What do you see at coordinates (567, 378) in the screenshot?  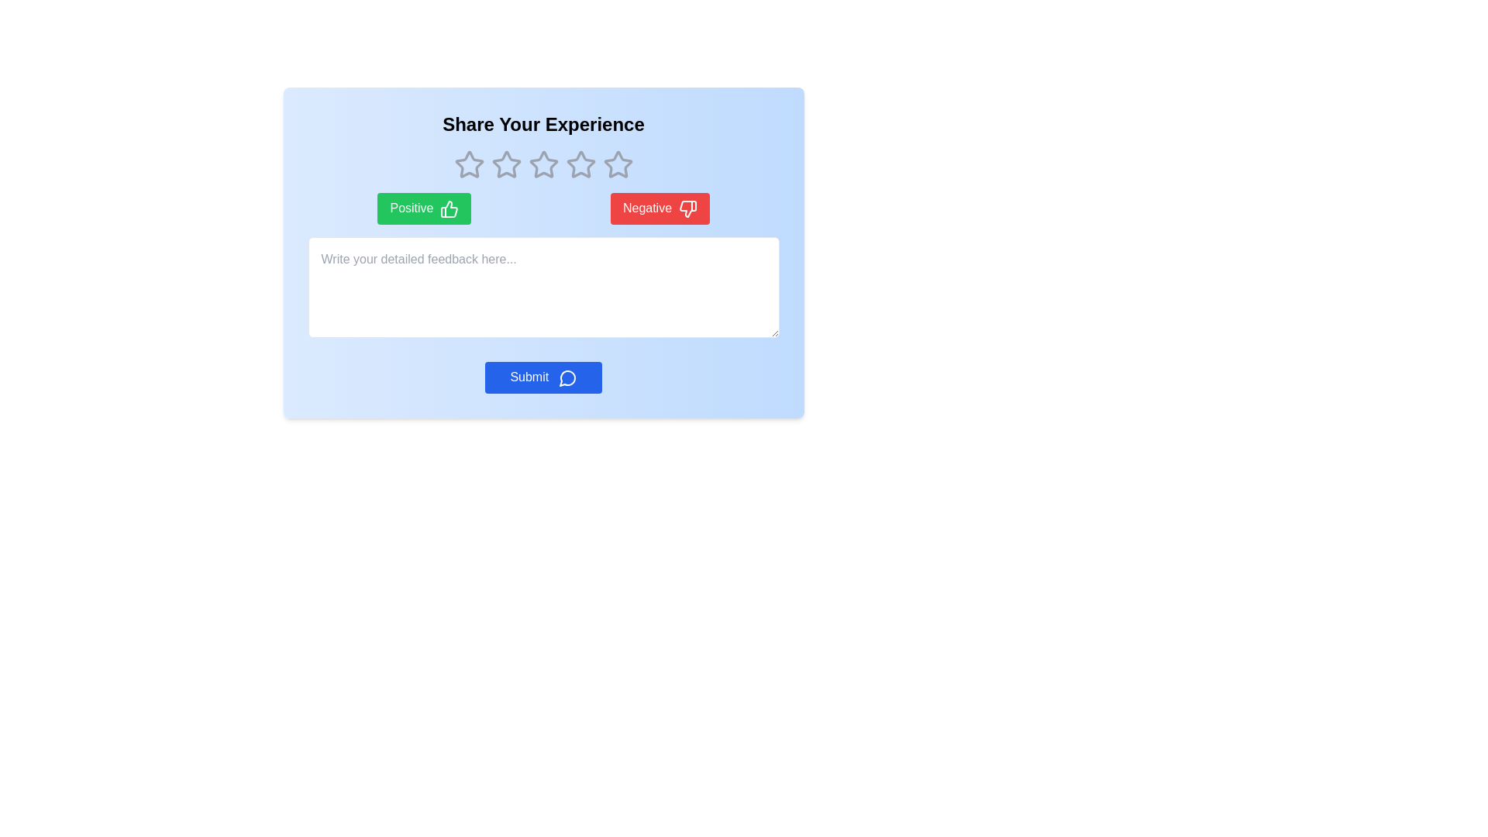 I see `the blue speech bubble icon located in the 'Submit' button area at the bottom center of the feedback form interface` at bounding box center [567, 378].